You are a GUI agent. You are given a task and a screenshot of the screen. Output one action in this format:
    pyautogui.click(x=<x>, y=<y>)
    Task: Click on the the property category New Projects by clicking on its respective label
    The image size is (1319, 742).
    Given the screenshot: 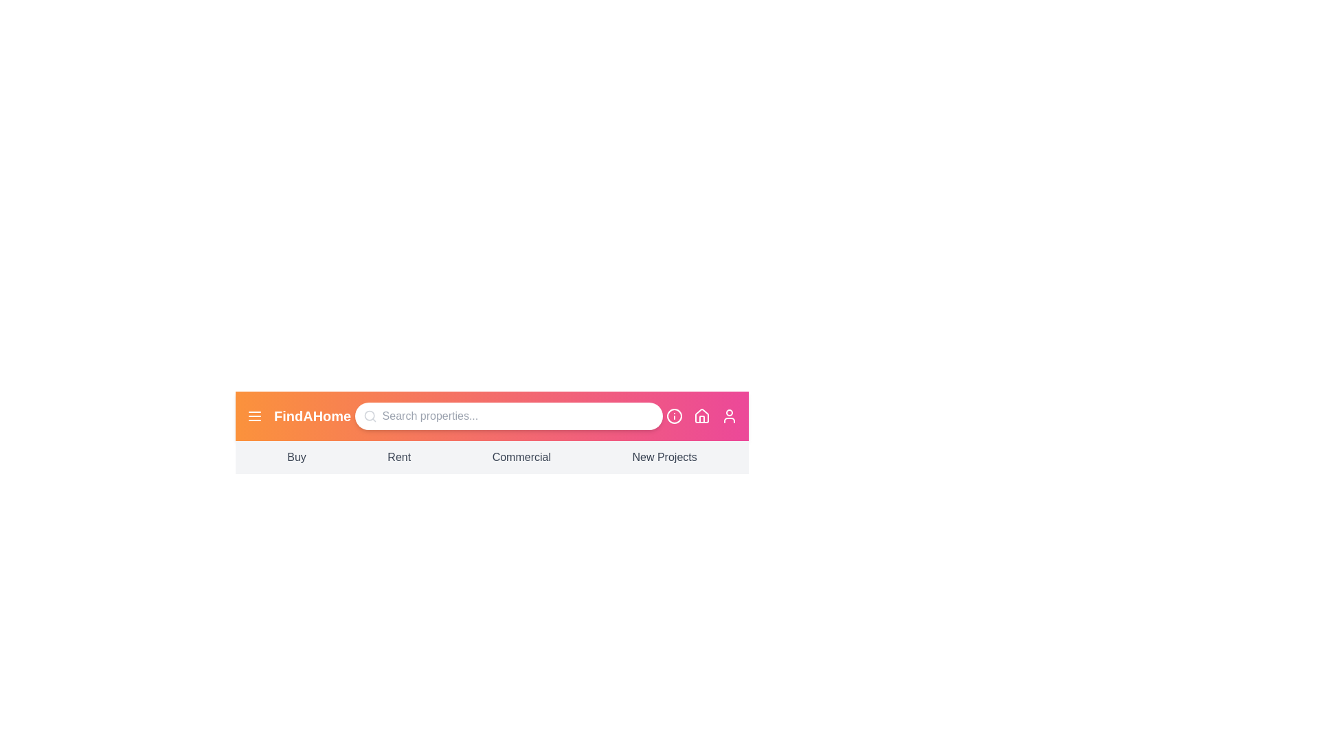 What is the action you would take?
    pyautogui.click(x=664, y=458)
    